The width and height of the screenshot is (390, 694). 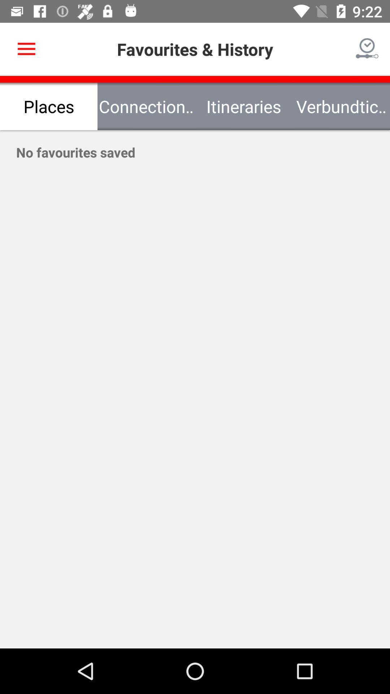 I want to click on icon next to connection requests icon, so click(x=26, y=49).